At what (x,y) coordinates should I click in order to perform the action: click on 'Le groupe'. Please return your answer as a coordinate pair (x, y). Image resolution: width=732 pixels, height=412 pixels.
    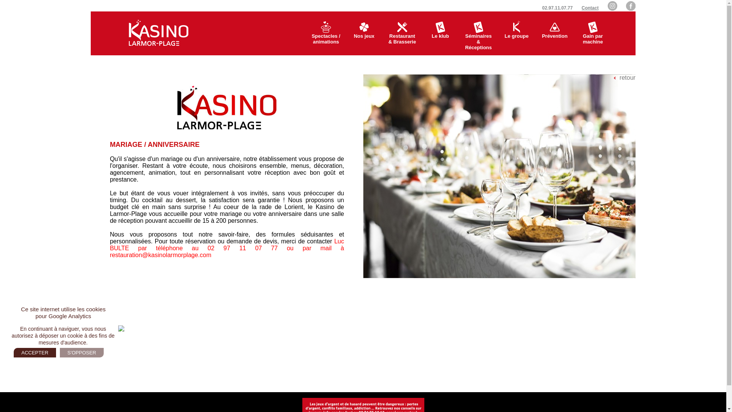
    Looking at the image, I should click on (516, 33).